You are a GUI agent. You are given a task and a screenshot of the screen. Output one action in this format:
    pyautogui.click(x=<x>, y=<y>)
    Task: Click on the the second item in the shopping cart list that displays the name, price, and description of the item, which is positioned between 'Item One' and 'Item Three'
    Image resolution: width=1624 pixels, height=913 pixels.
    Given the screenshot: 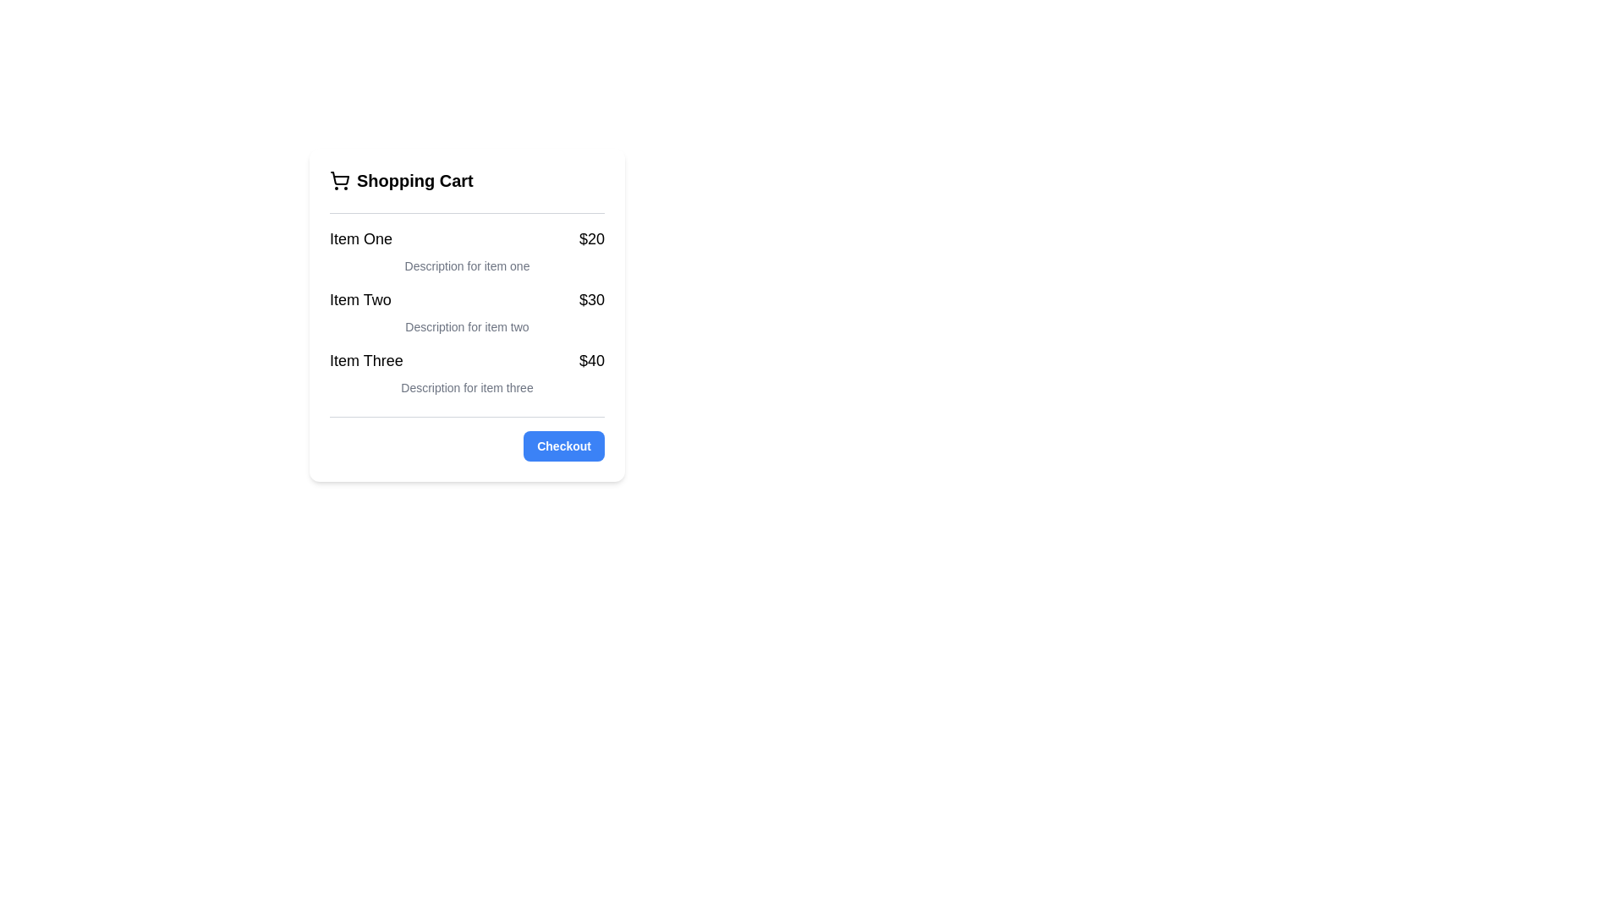 What is the action you would take?
    pyautogui.click(x=467, y=312)
    